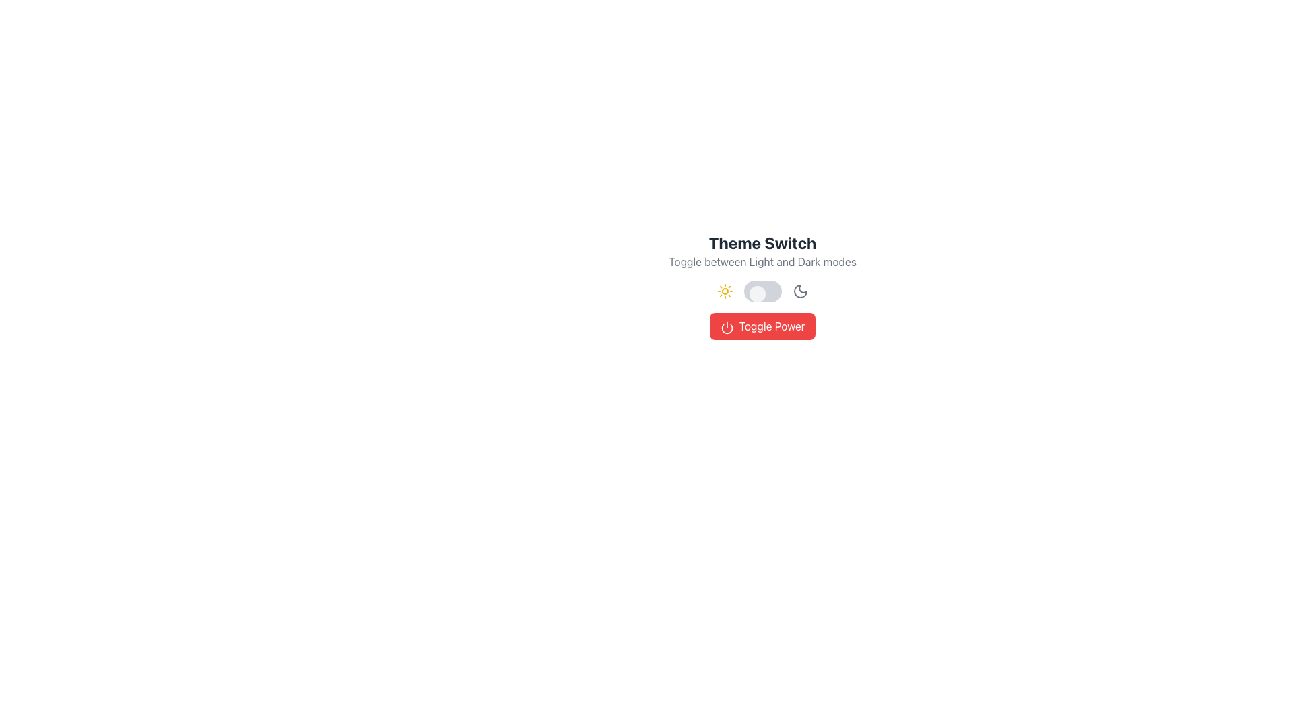 Image resolution: width=1293 pixels, height=727 pixels. I want to click on the theme toggle switch located in the 'Theme Switch' section of the modal, so click(762, 285).